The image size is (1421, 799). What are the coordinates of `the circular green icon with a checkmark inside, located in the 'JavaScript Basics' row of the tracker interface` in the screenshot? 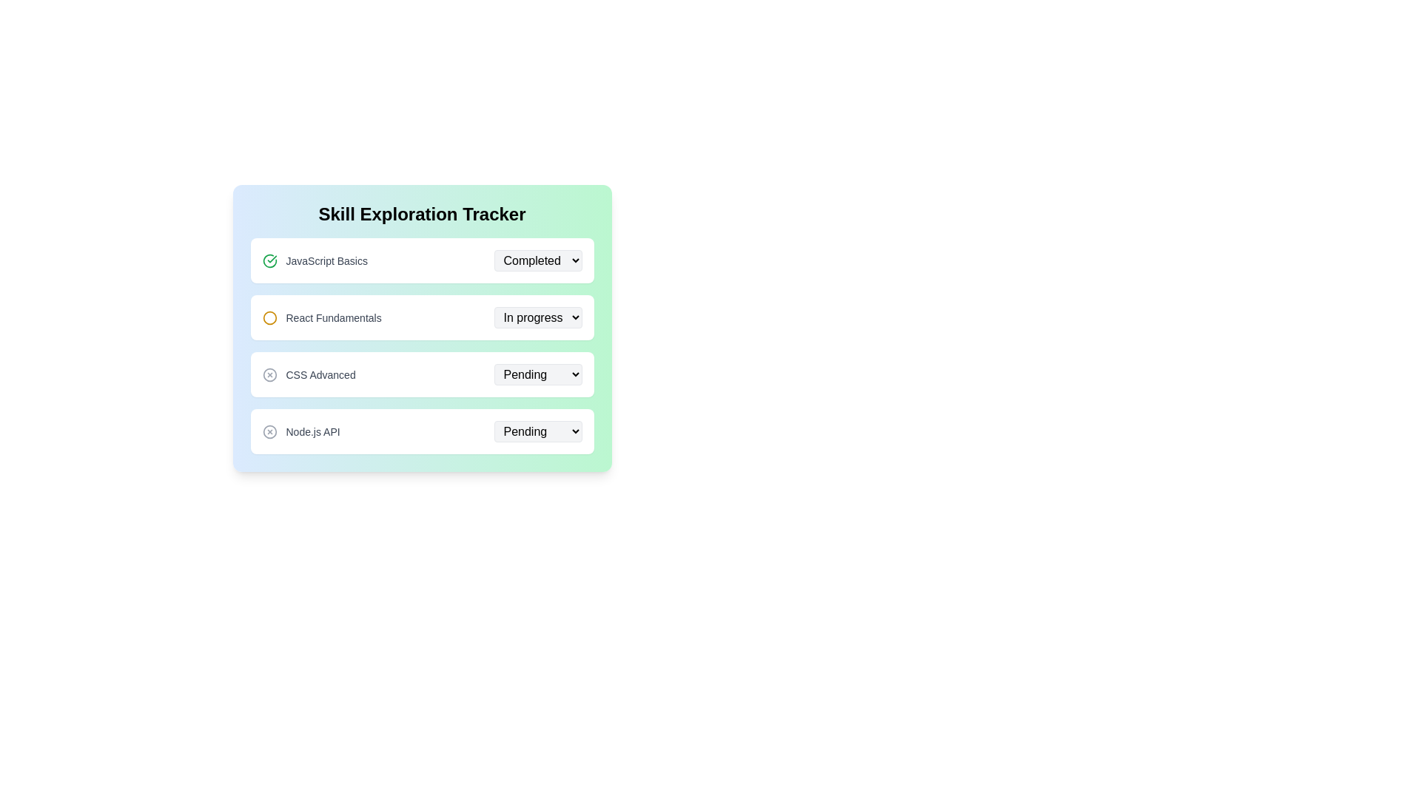 It's located at (269, 260).